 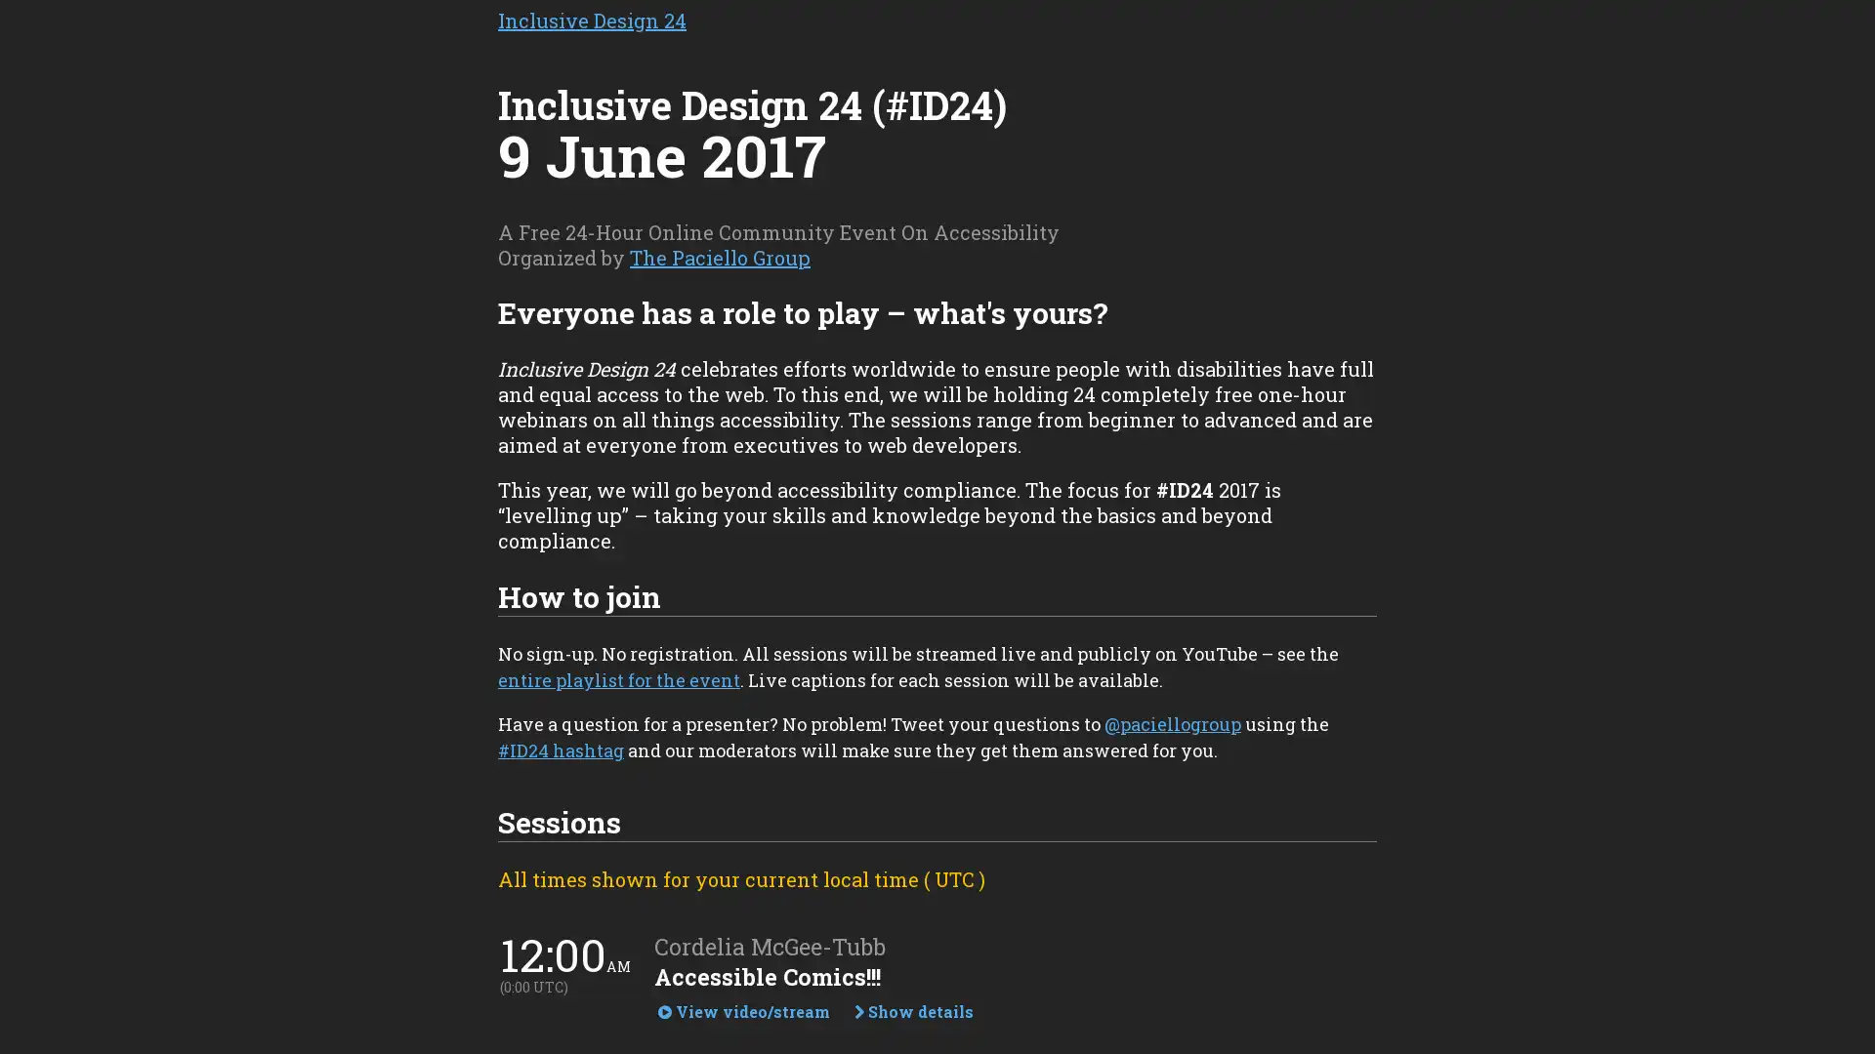 I want to click on Show details, so click(x=913, y=1010).